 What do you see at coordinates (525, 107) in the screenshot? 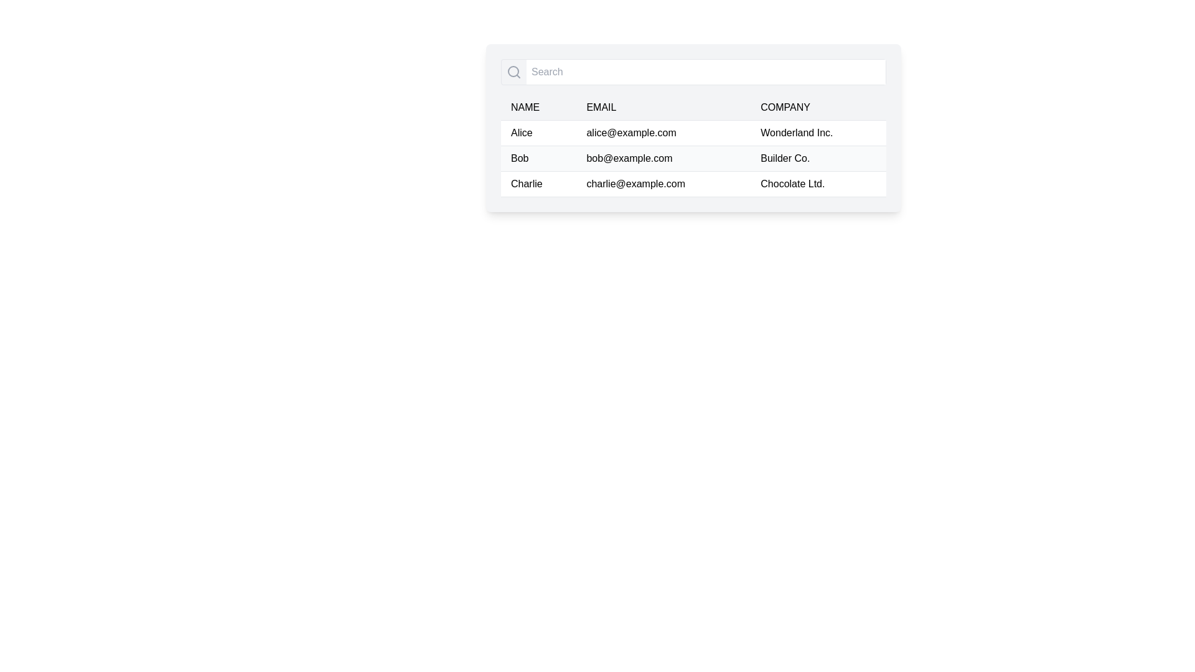
I see `text content of the 'NAME' column header, which is displayed in uppercase bold font at the top left of the table under the search bar` at bounding box center [525, 107].